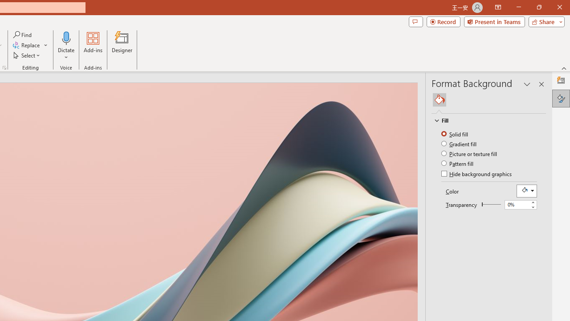 Image resolution: width=570 pixels, height=321 pixels. Describe the element at coordinates (491, 204) in the screenshot. I see `'Transparency'` at that location.